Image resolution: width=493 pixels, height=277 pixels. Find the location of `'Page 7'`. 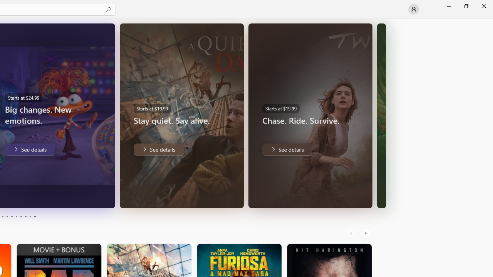

'Page 7' is located at coordinates (21, 217).